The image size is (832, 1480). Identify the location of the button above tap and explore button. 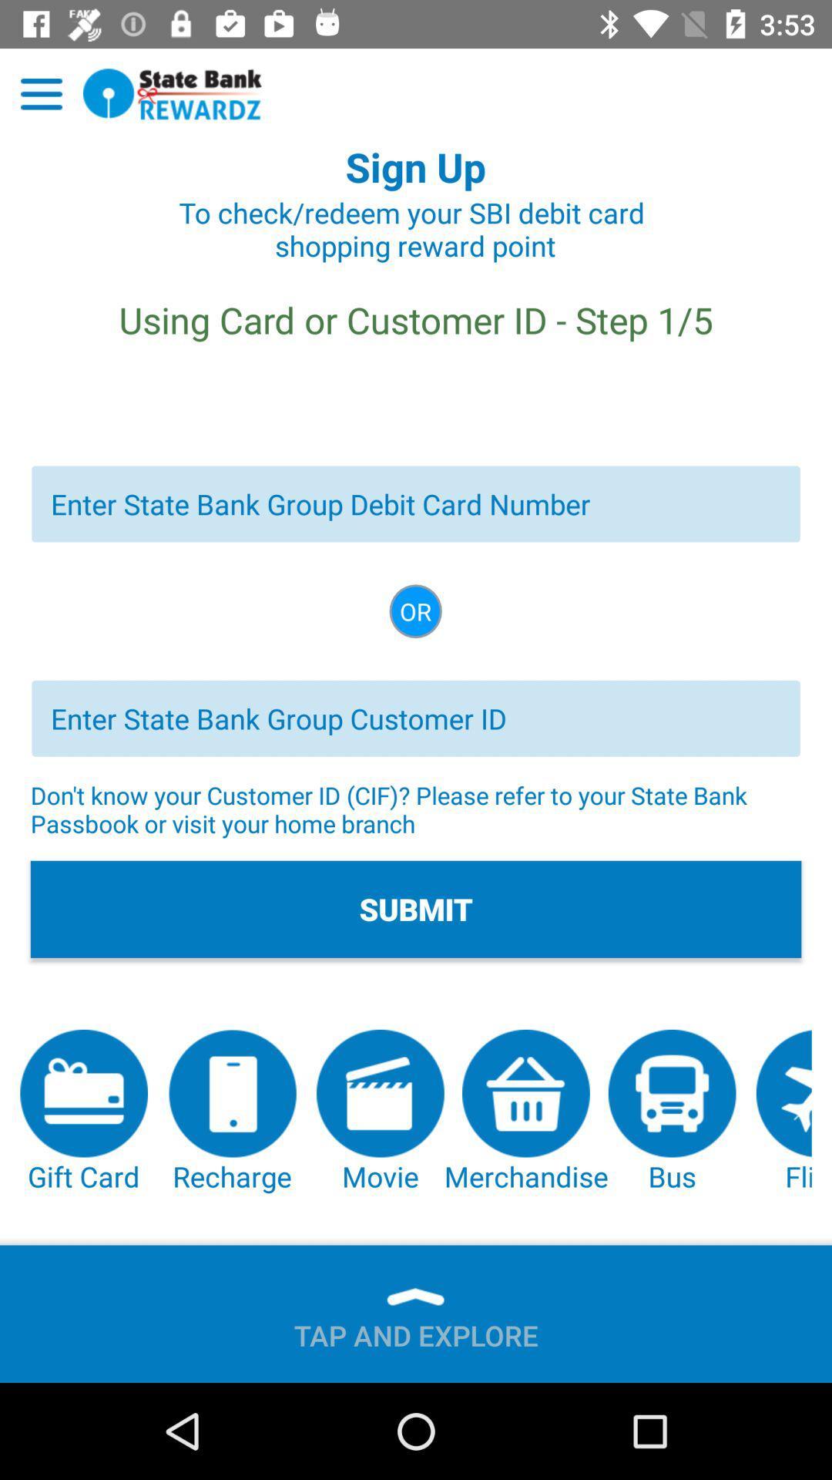
(525, 1112).